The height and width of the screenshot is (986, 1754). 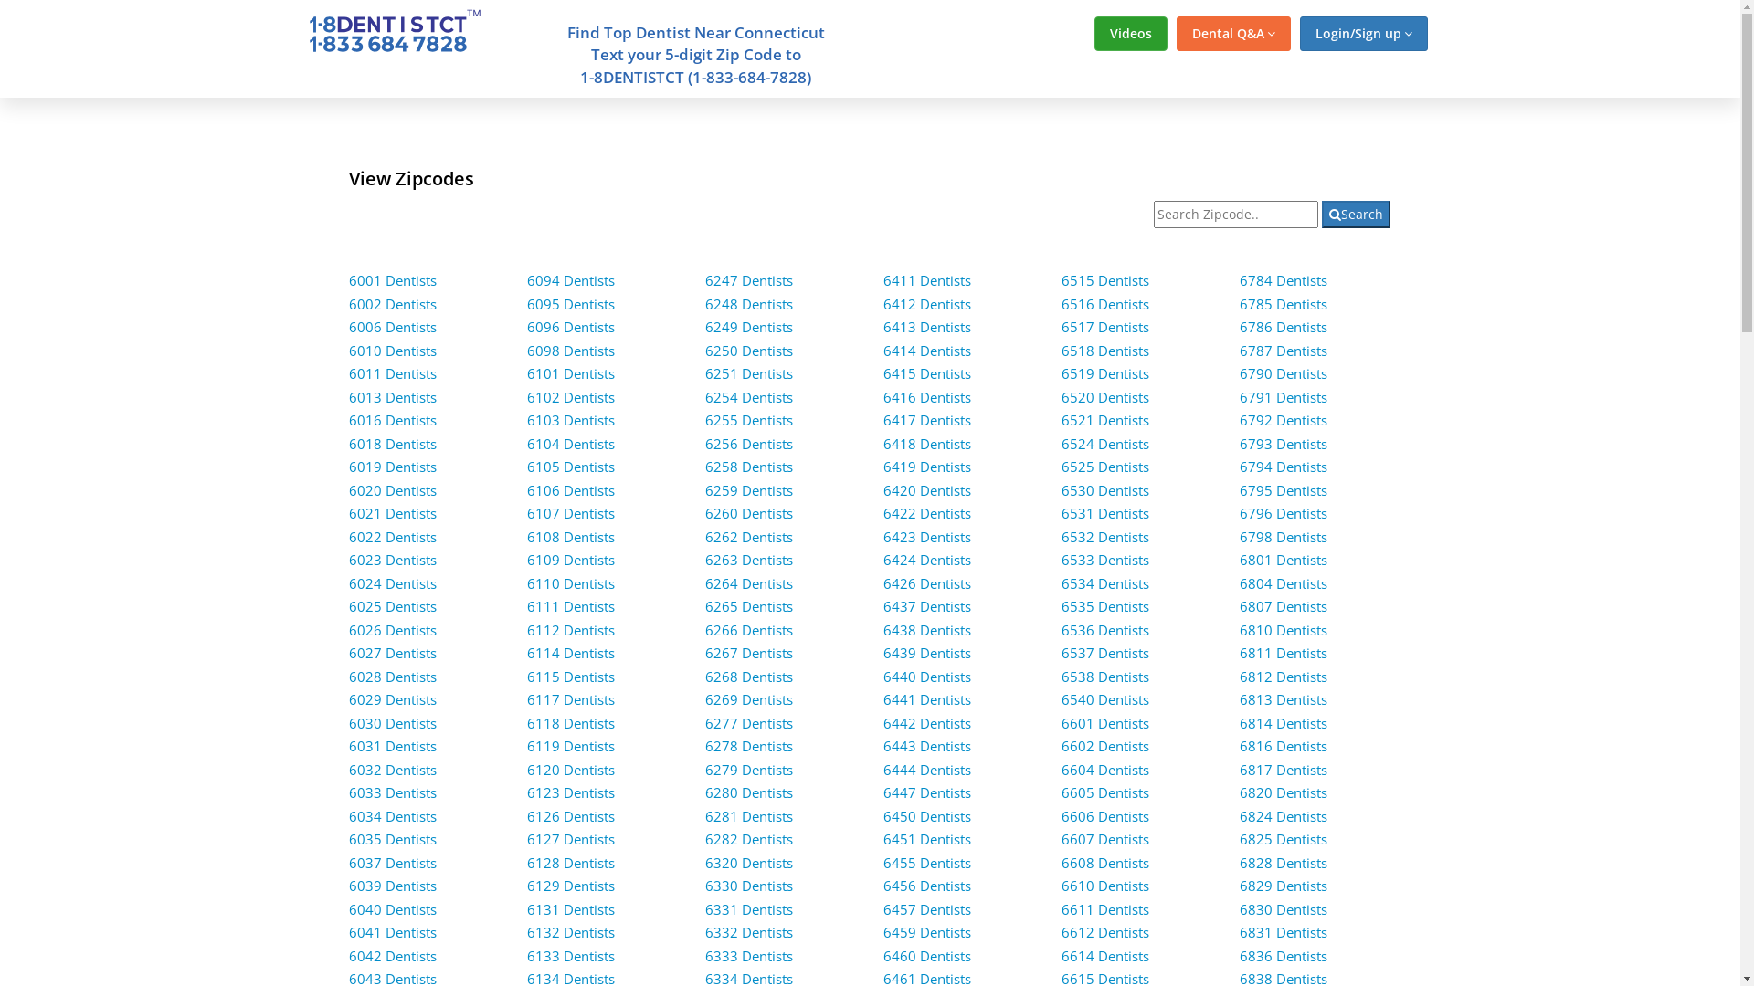 I want to click on '6423 Dentists', so click(x=926, y=535).